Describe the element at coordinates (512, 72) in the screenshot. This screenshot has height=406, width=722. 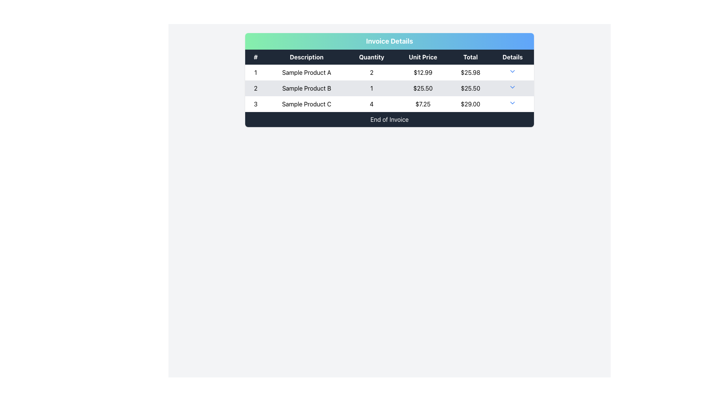
I see `the dropdown toggle icon located at the far right of the first row under the 'Details' column` at that location.